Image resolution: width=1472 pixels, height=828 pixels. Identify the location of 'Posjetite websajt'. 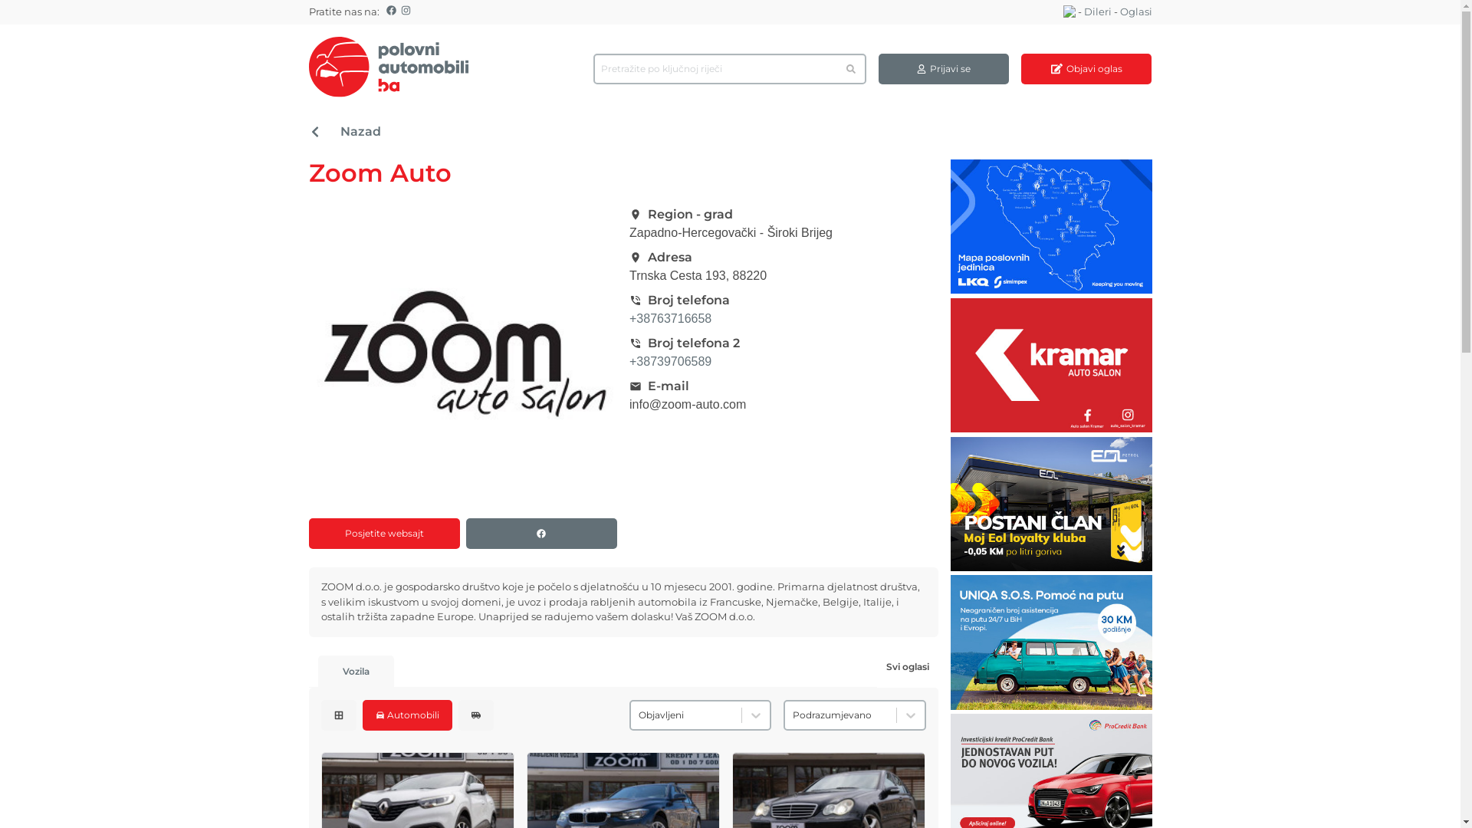
(307, 532).